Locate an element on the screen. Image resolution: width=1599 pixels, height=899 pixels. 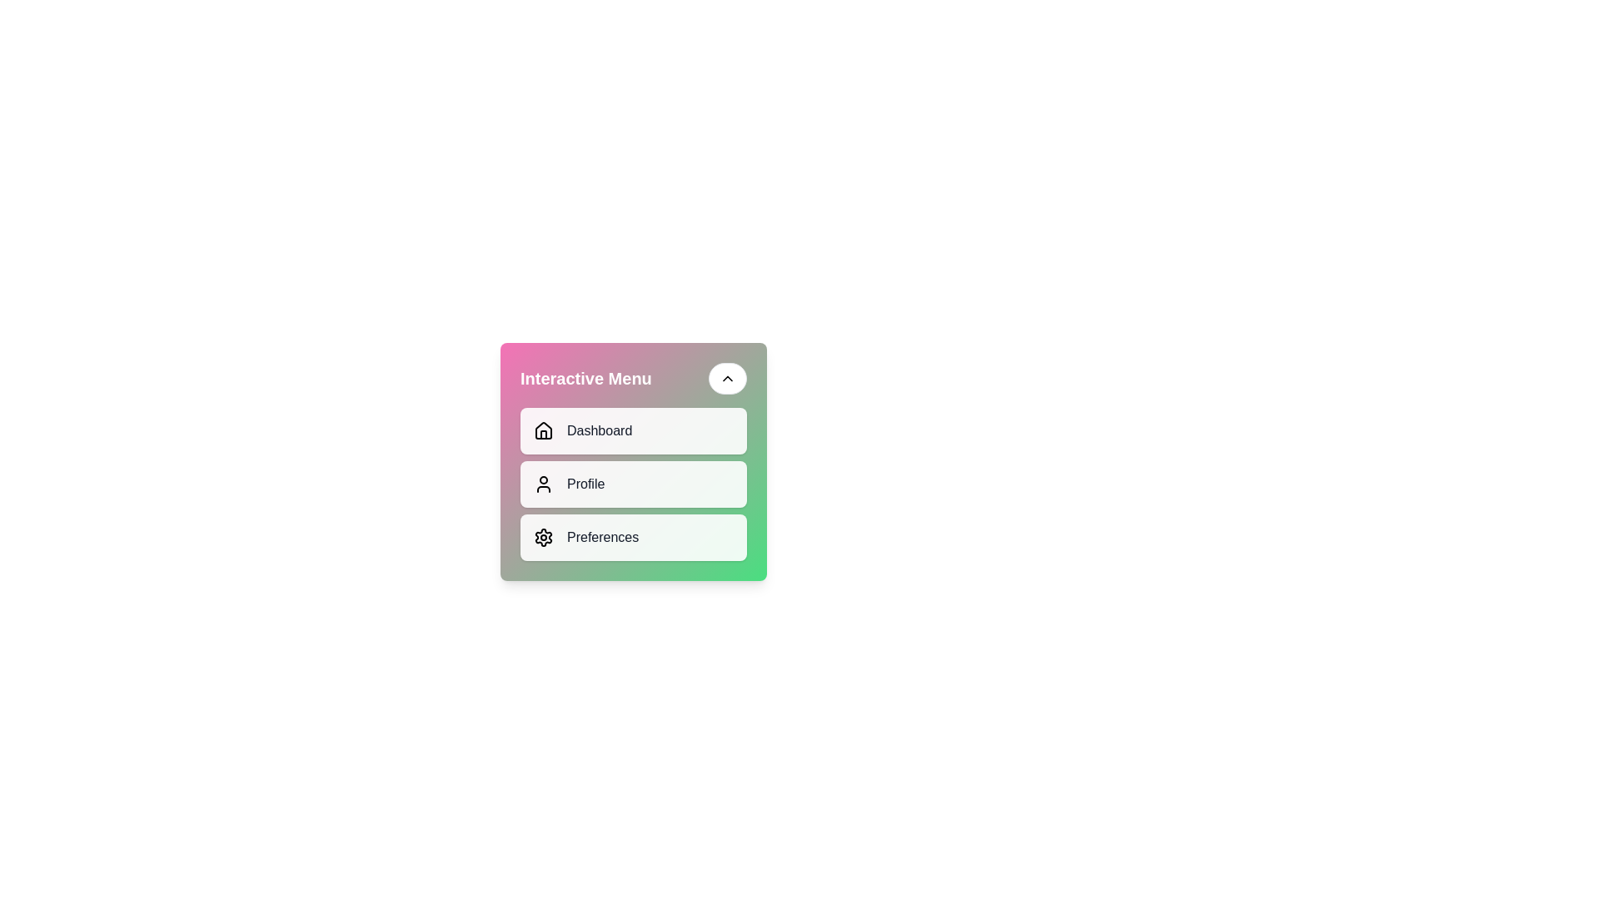
text of the descriptive label for the settings-related action located to the right of the gear icon in the menu box is located at coordinates (602, 537).